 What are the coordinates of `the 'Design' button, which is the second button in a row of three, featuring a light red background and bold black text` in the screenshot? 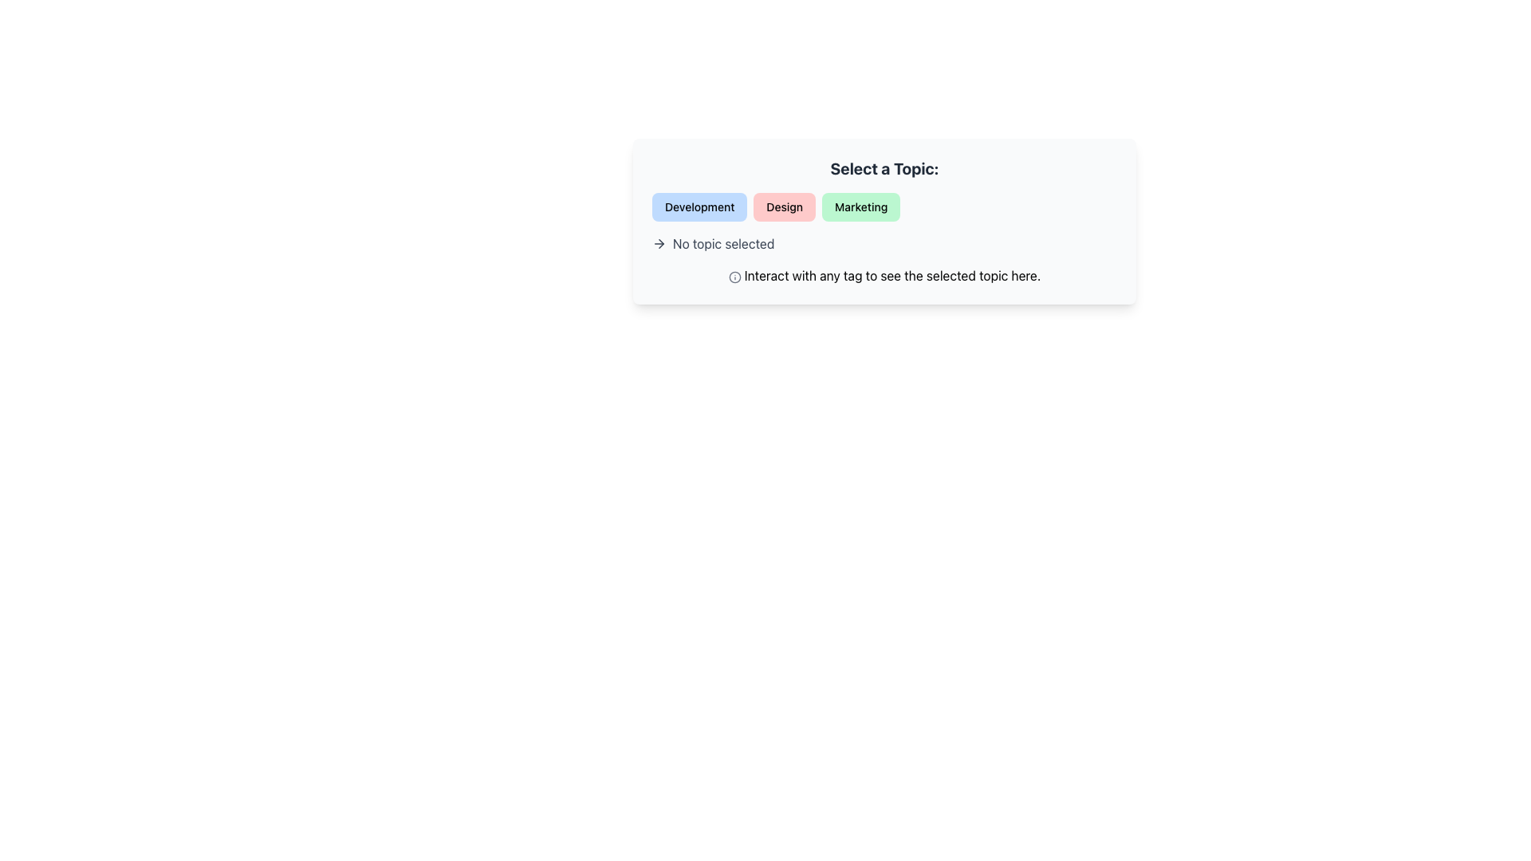 It's located at (785, 206).